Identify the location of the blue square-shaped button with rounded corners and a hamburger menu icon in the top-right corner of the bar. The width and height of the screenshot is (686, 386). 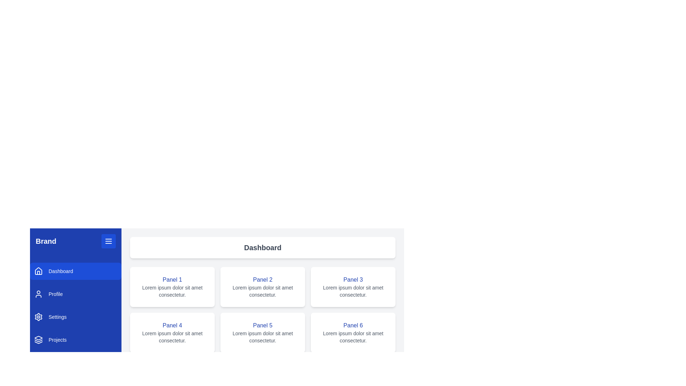
(108, 241).